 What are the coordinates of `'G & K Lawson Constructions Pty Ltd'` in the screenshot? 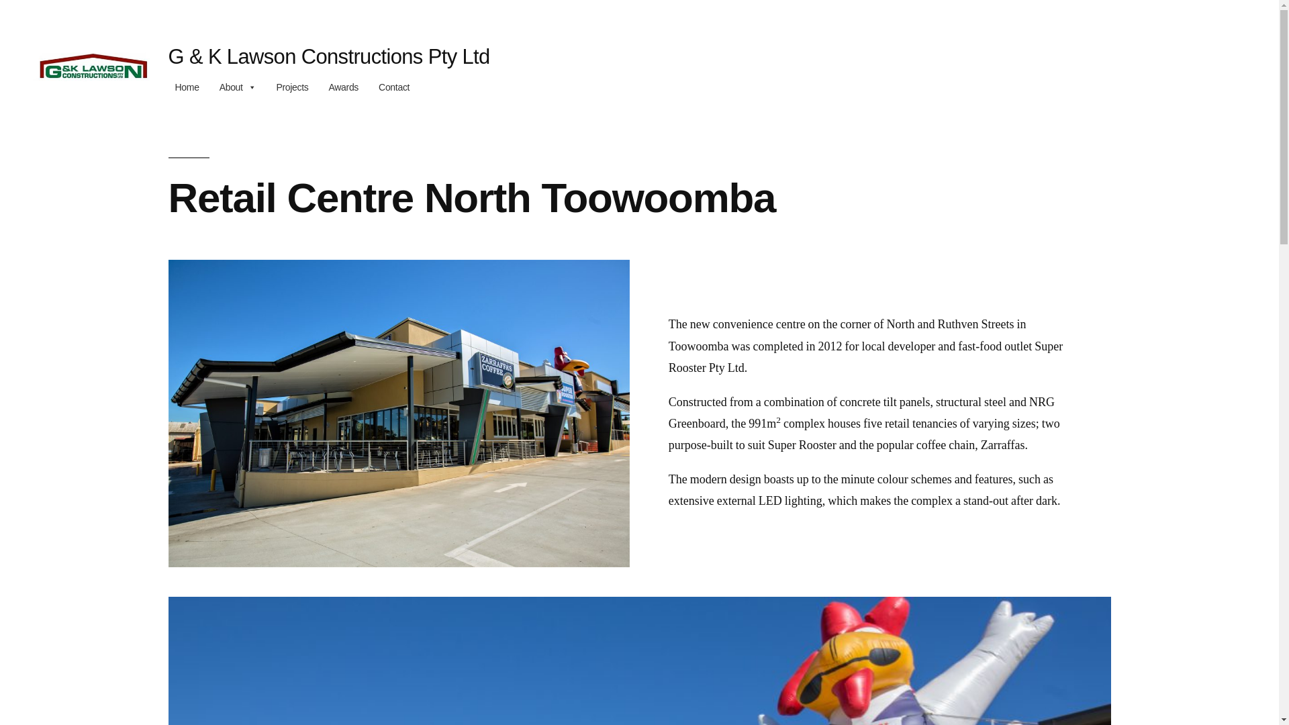 It's located at (166, 56).